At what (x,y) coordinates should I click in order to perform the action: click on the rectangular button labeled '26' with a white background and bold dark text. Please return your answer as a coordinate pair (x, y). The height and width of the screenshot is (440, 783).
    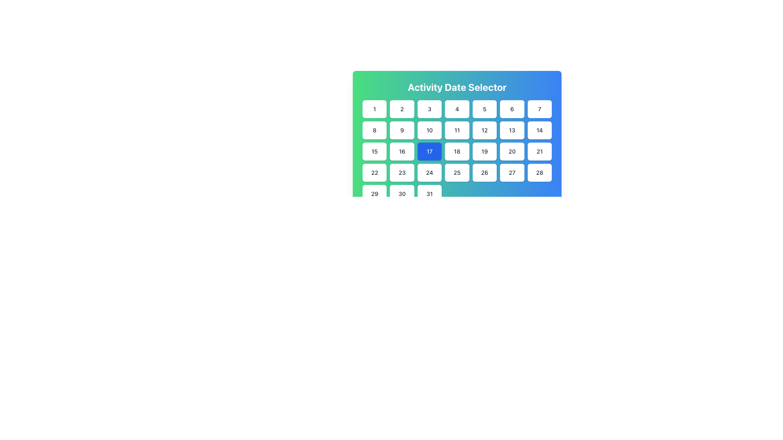
    Looking at the image, I should click on (484, 172).